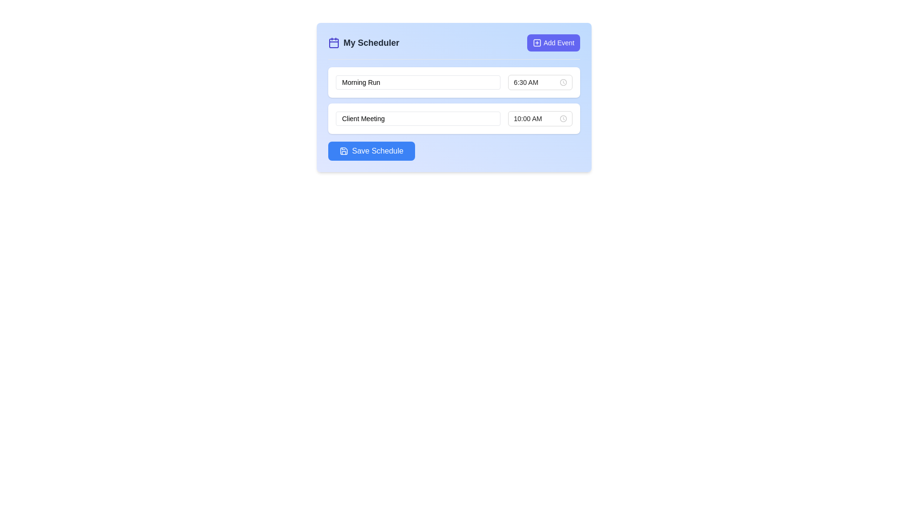  Describe the element at coordinates (537, 42) in the screenshot. I see `the SVG rectangle on the blue 'Add Event' button located at the top-right corner of the scheduler interface` at that location.